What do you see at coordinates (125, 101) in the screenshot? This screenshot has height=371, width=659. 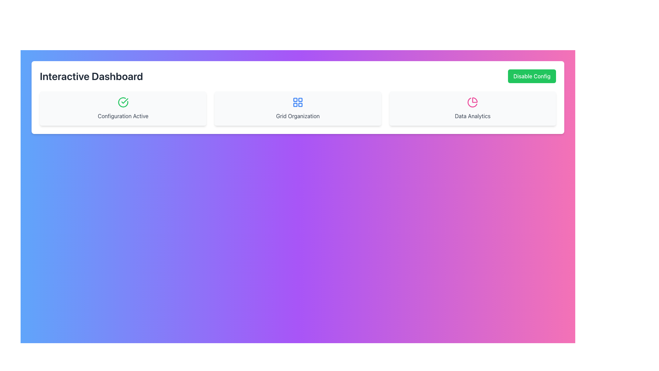 I see `the green check mark icon, which is part of the circular outline in the first card on the left of the dashboard, positioned above the text labeled 'Configuration Active' for visual confirmation` at bounding box center [125, 101].